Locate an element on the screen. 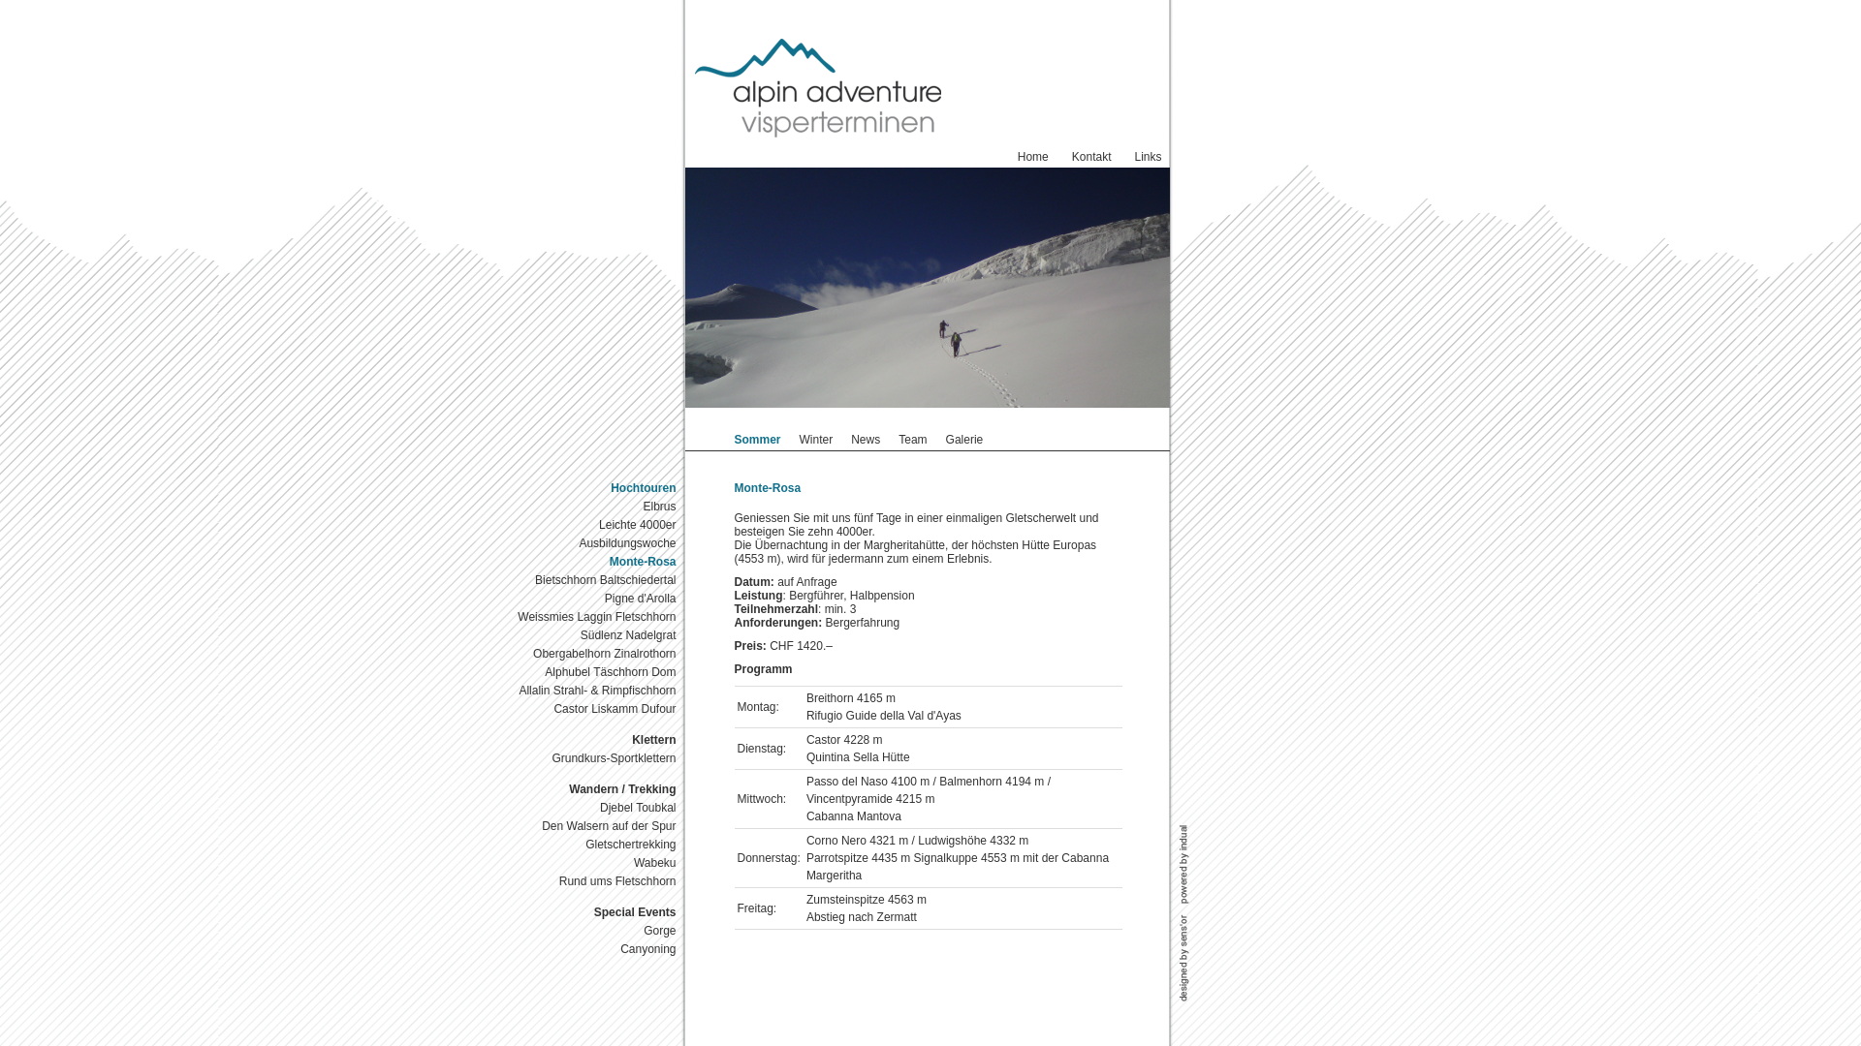 The height and width of the screenshot is (1046, 1861). 'Allalin Strahl- & Rimpfischhorn' is located at coordinates (590, 690).